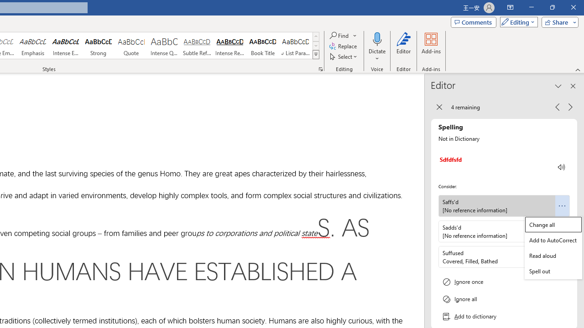 Image resolution: width=584 pixels, height=328 pixels. I want to click on 'Add to AutoCorrect', so click(553, 240).